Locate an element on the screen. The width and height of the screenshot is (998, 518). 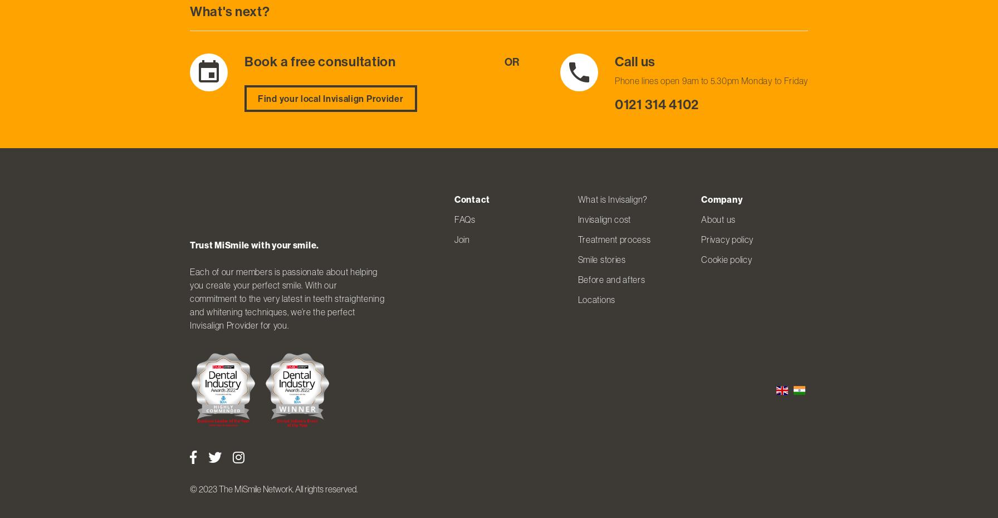
'What's next?' is located at coordinates (229, 10).